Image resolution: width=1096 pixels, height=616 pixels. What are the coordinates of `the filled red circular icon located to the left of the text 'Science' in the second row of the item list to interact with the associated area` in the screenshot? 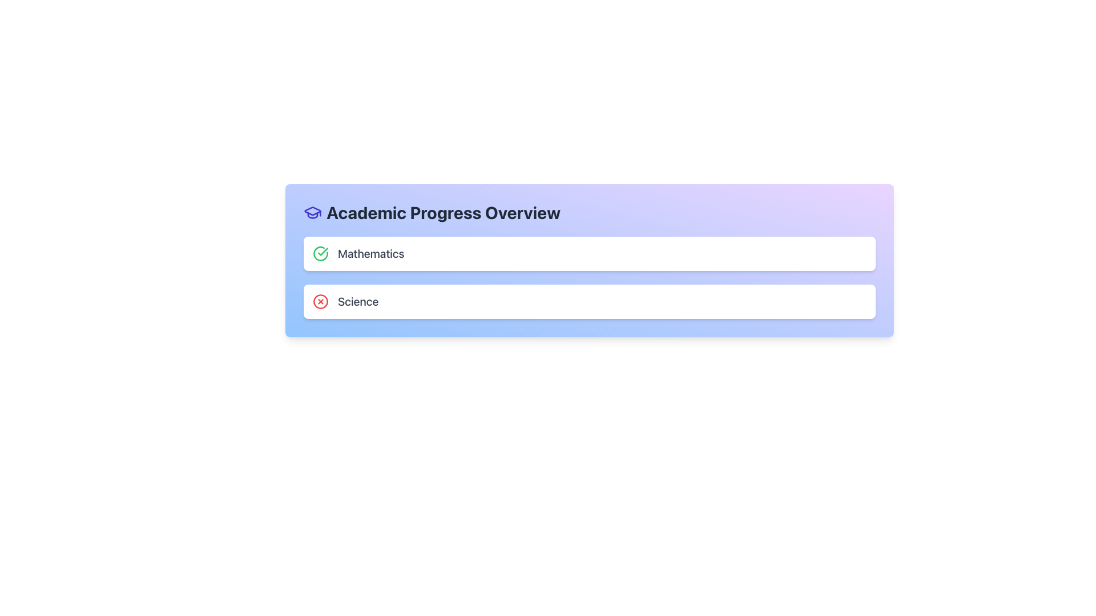 It's located at (320, 301).